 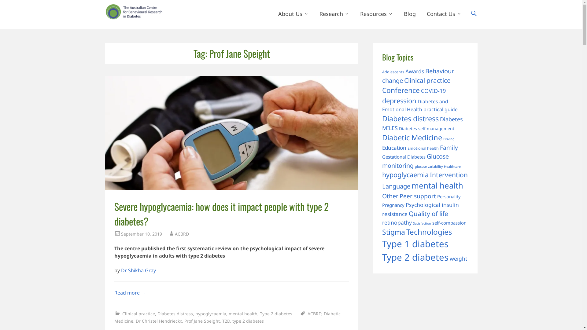 I want to click on 'Dr Christel Hendrieckx', so click(x=159, y=321).